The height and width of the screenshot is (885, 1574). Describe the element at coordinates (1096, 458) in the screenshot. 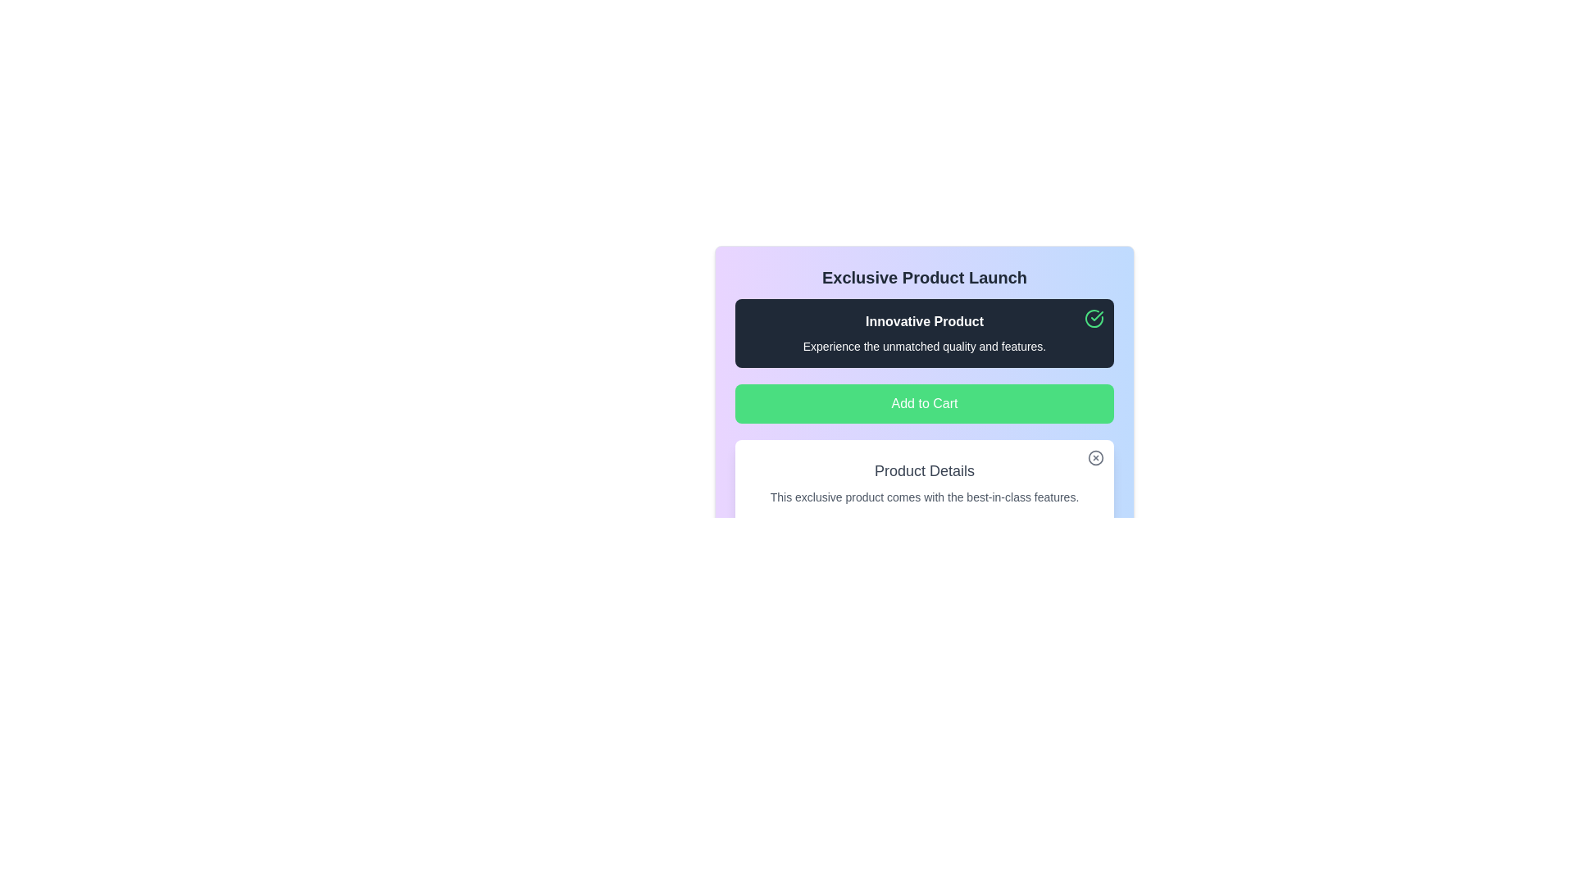

I see `the close button represented as a small circular icon with an 'X' inside it, located in the top-right corner of the 'Product Details' section` at that location.